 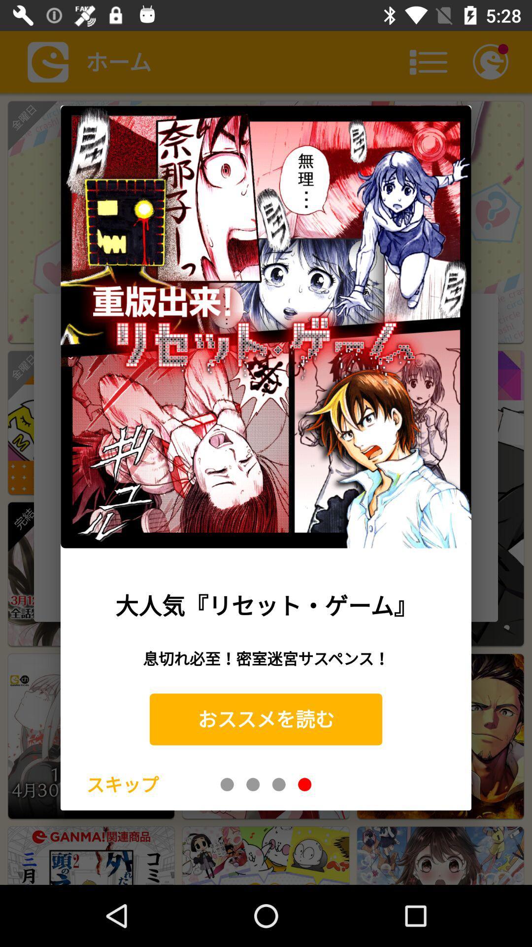 I want to click on forward to next video, so click(x=252, y=784).